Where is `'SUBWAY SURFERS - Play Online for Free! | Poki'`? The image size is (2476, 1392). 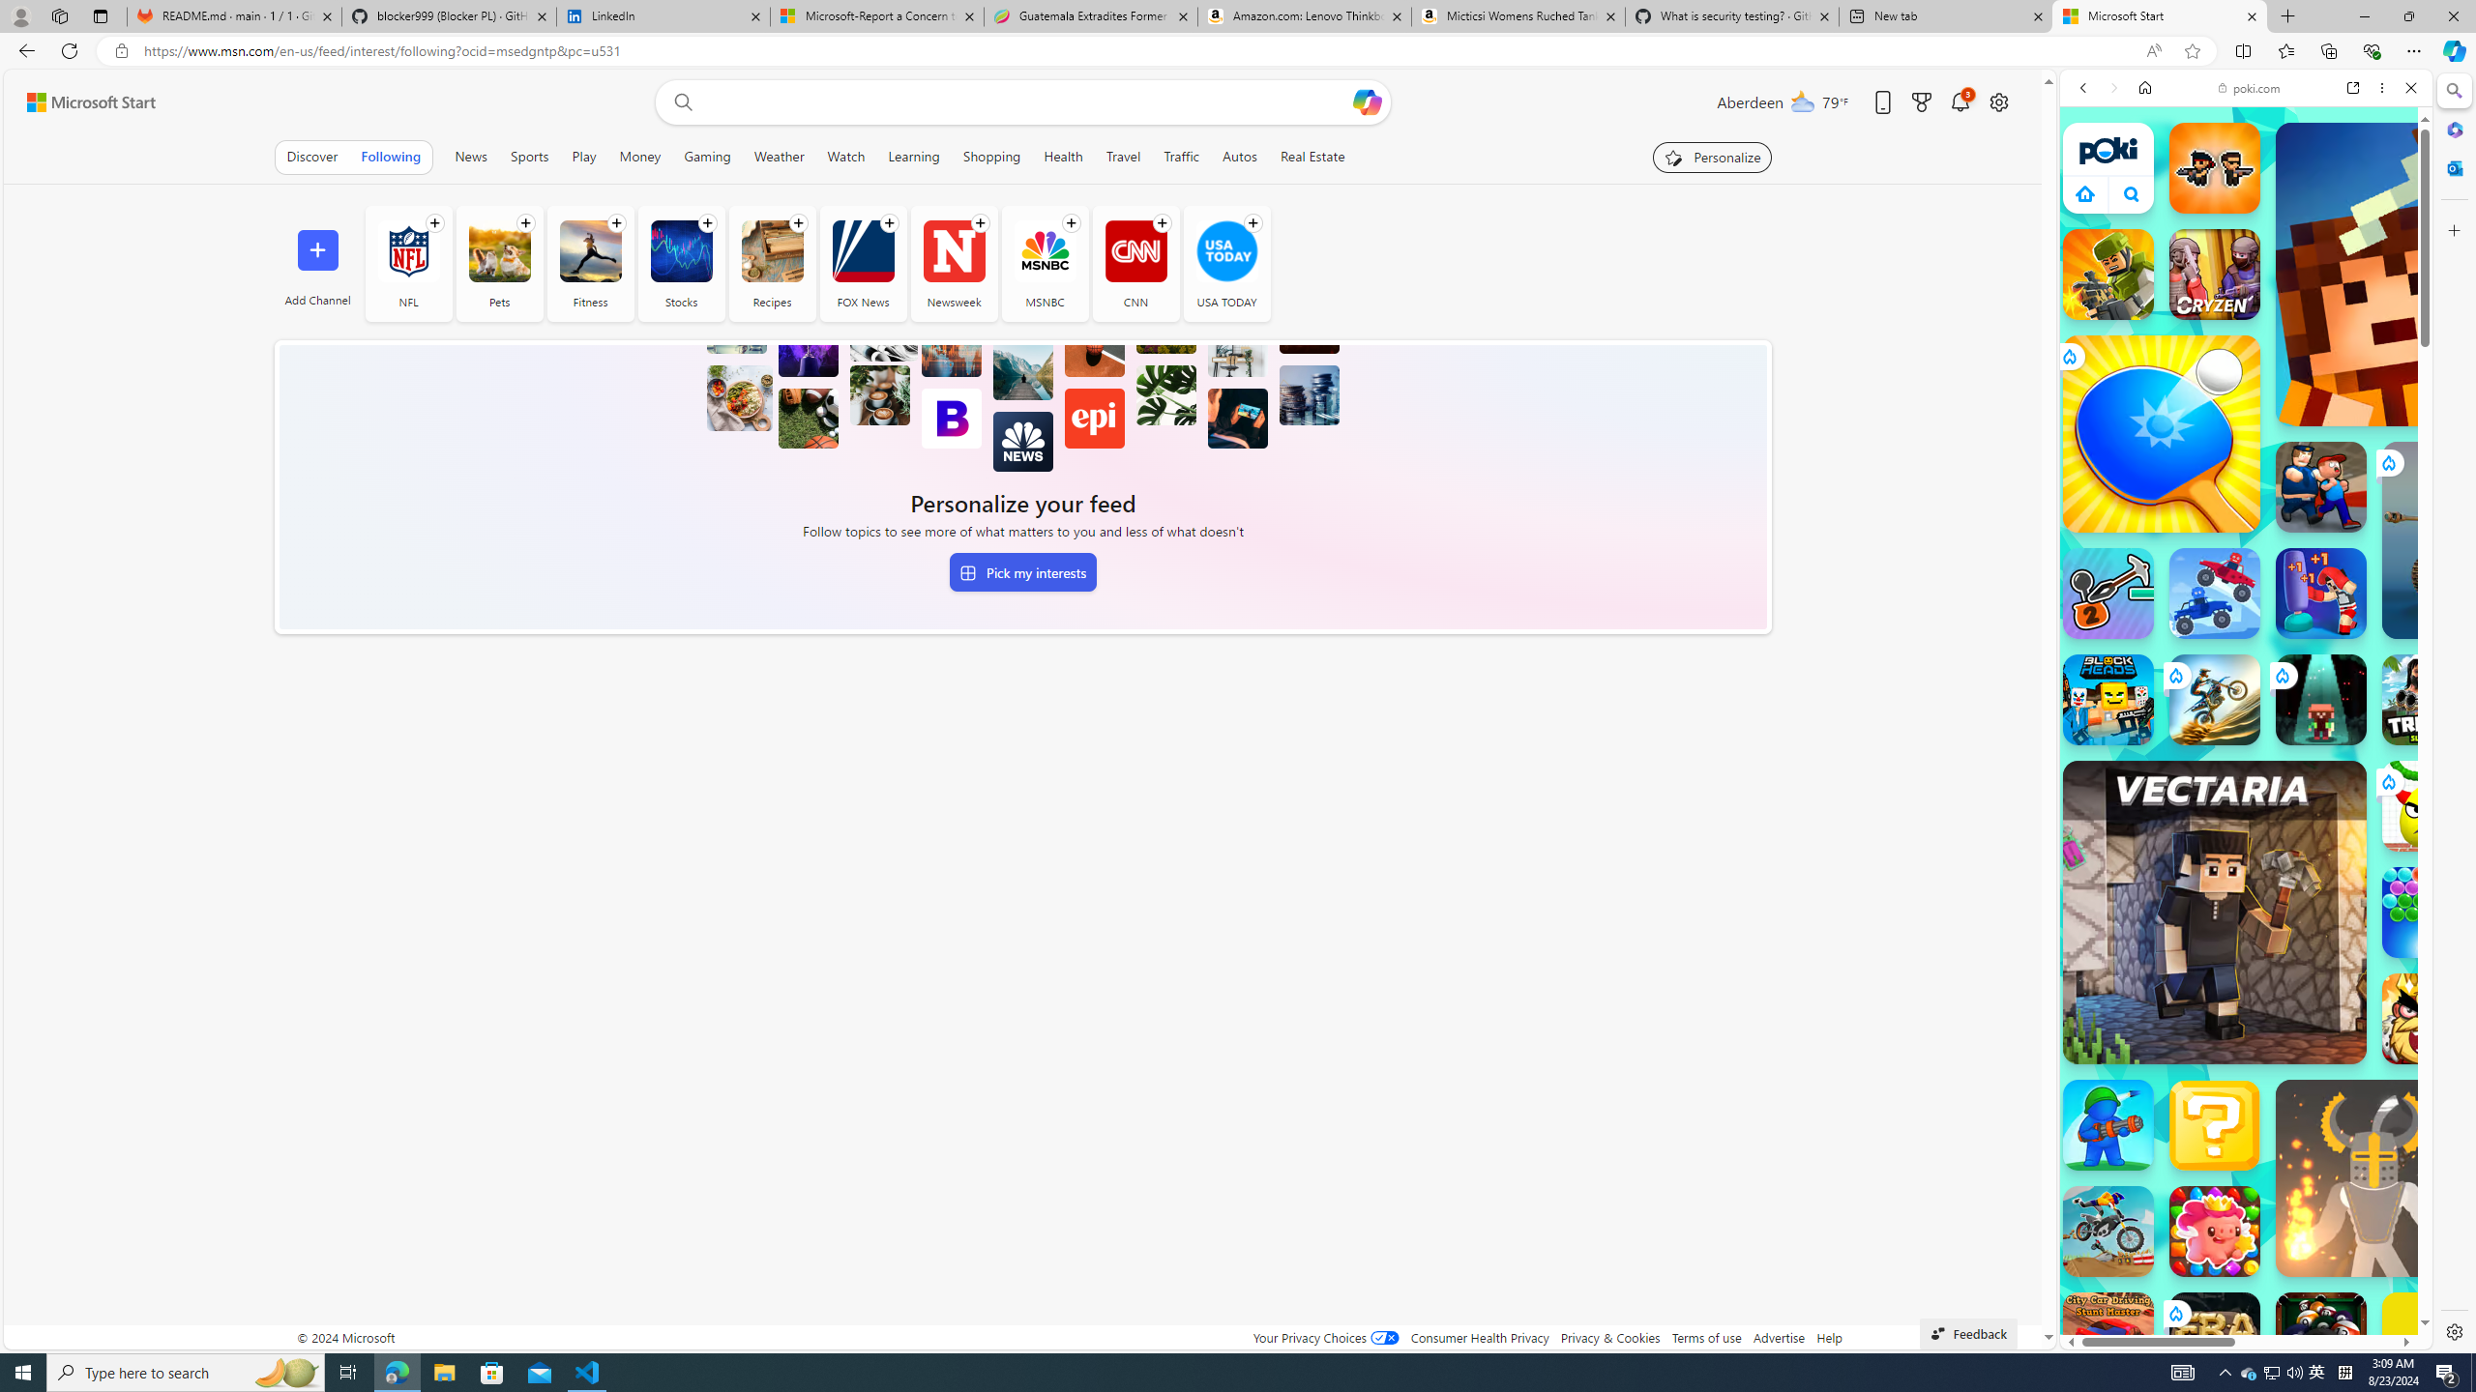
'SUBWAY SURFERS - Play Online for Free! | Poki' is located at coordinates (2238, 1299).